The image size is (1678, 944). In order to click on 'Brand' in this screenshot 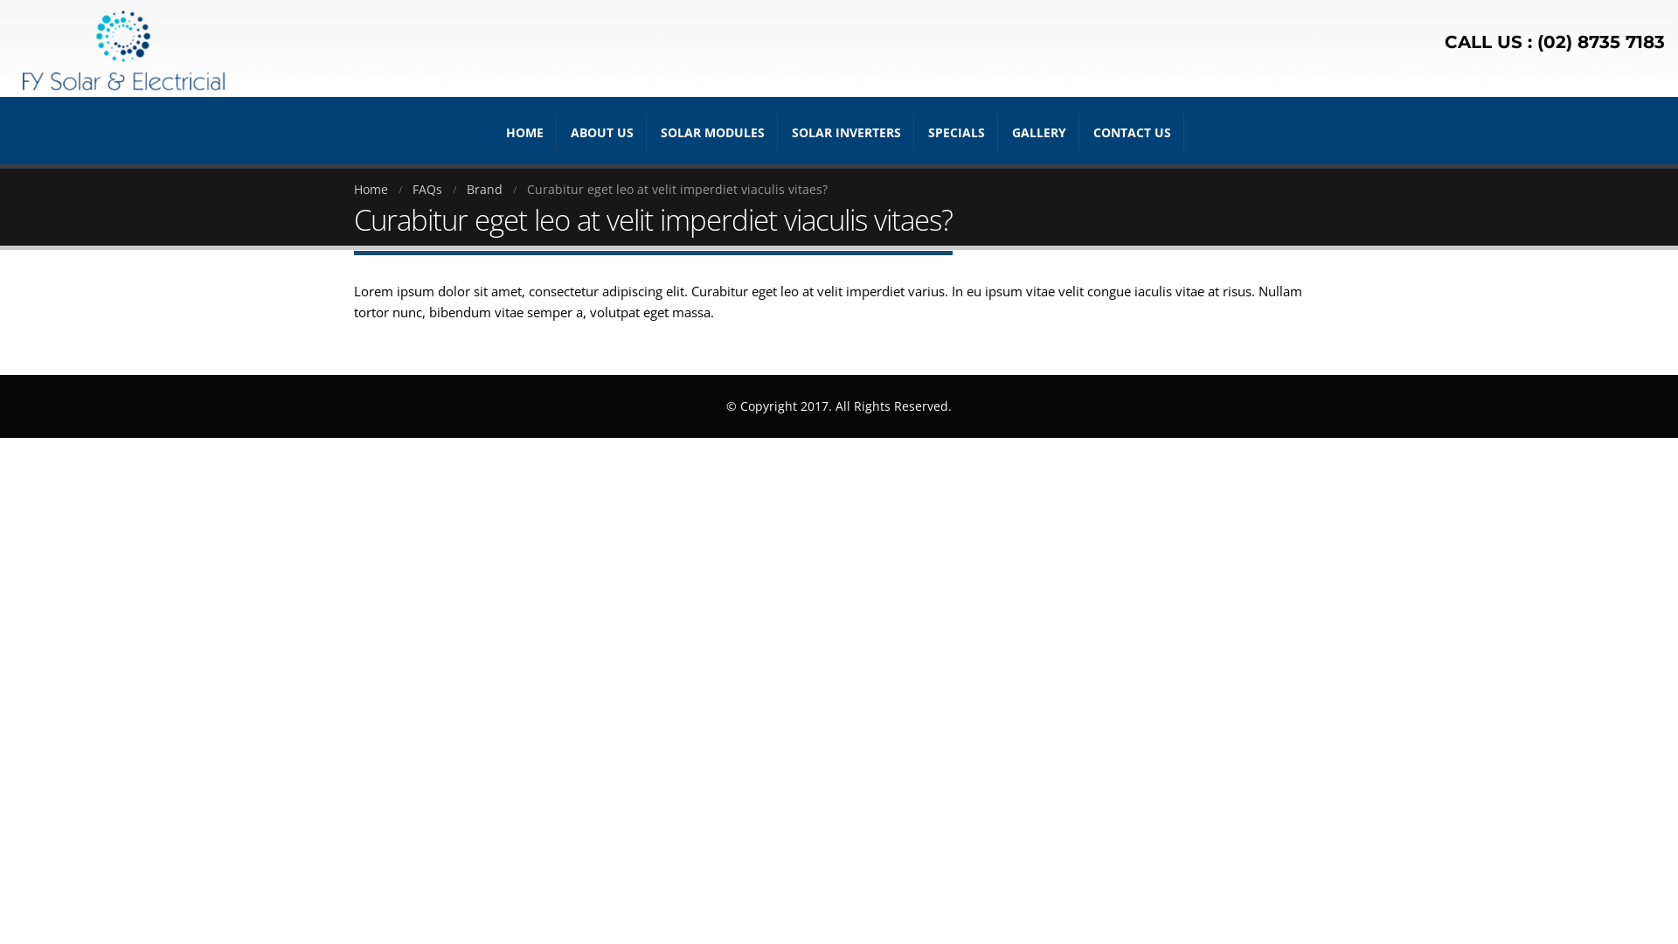, I will do `click(466, 189)`.